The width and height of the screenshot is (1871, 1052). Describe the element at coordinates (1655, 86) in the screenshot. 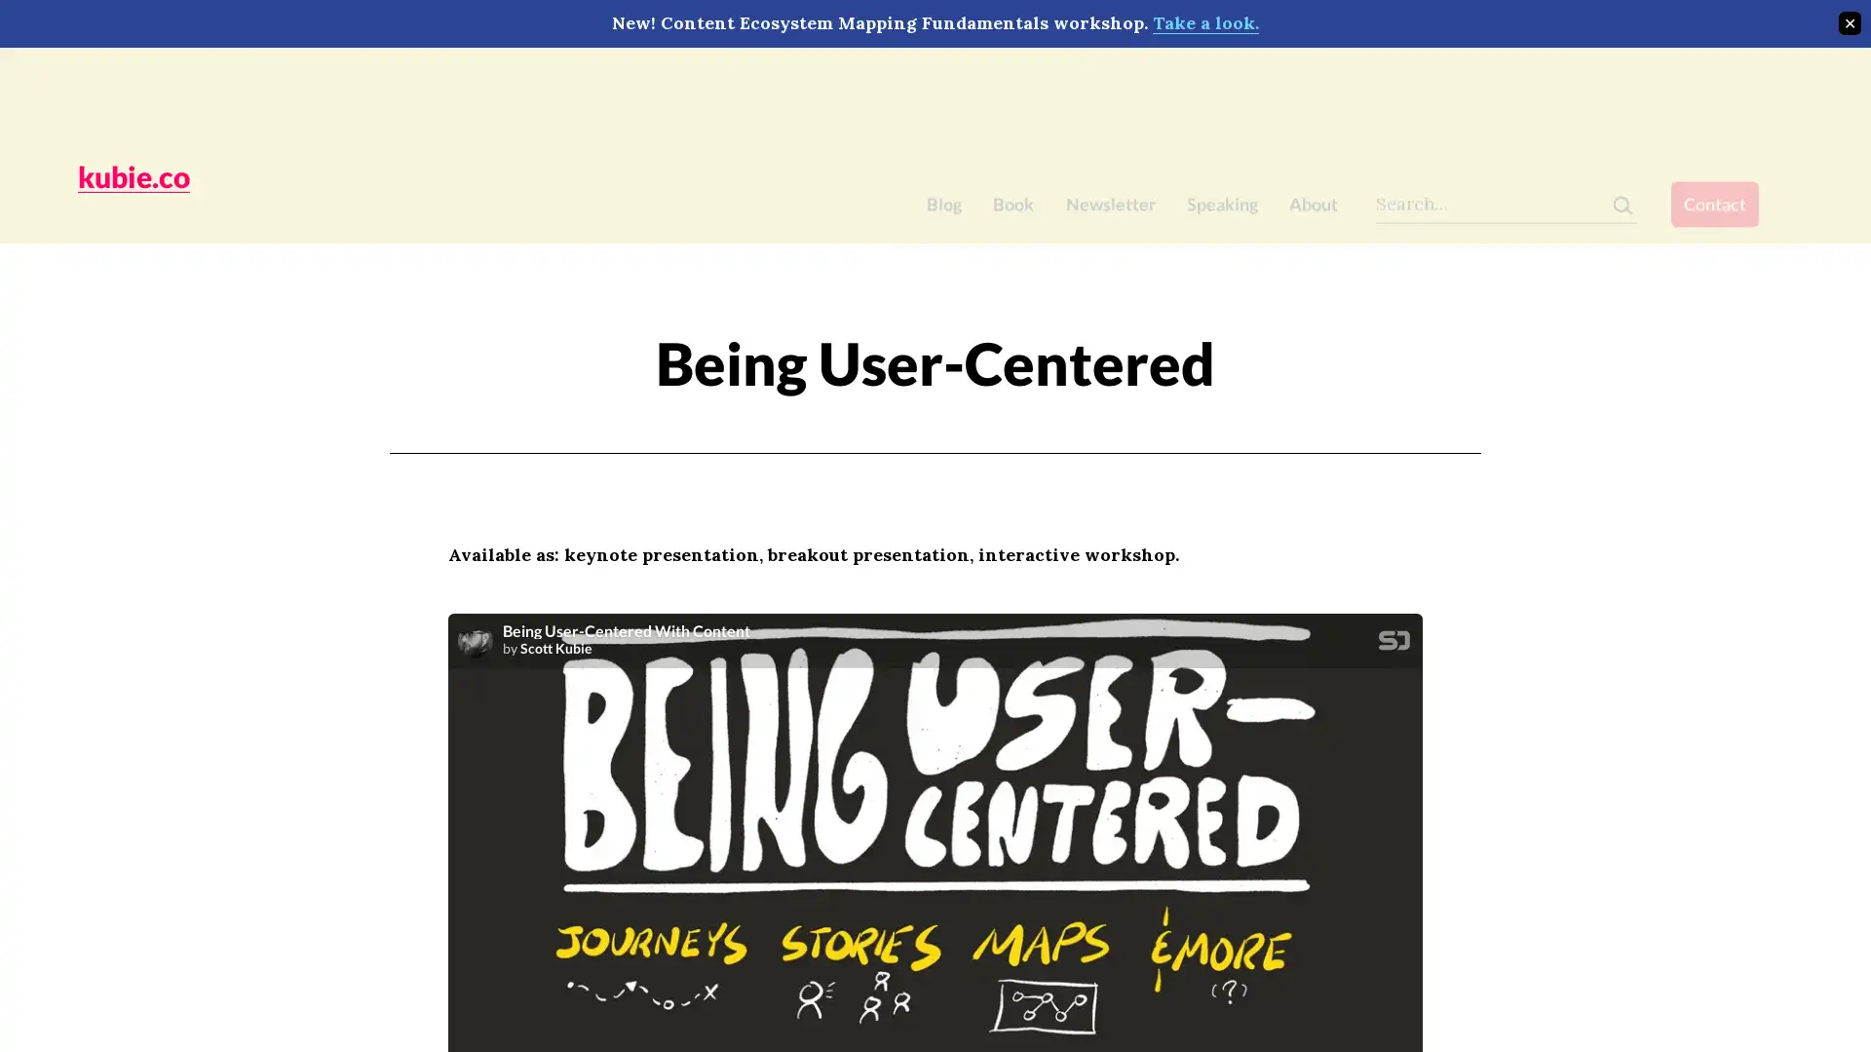

I see `Search` at that location.